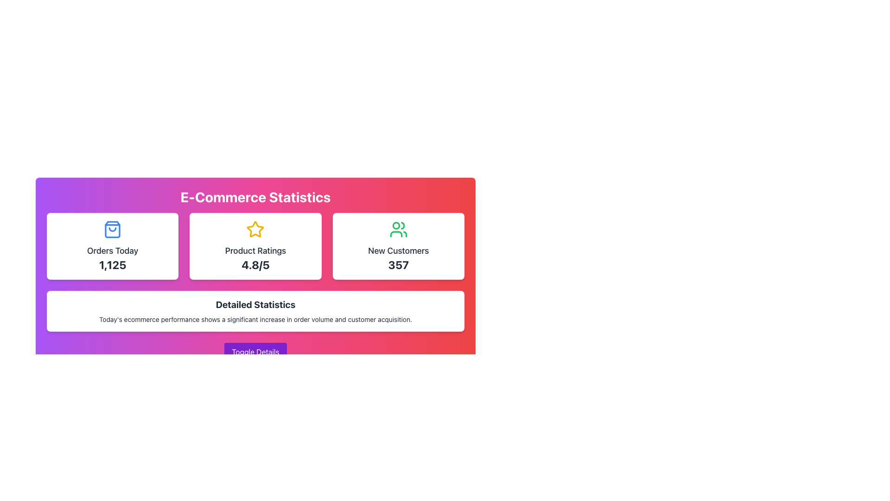  What do you see at coordinates (255, 246) in the screenshot?
I see `the informational card titled 'Product Ratings' which displays a rating of '4.8/5' and is located in the center column of the grid layout` at bounding box center [255, 246].